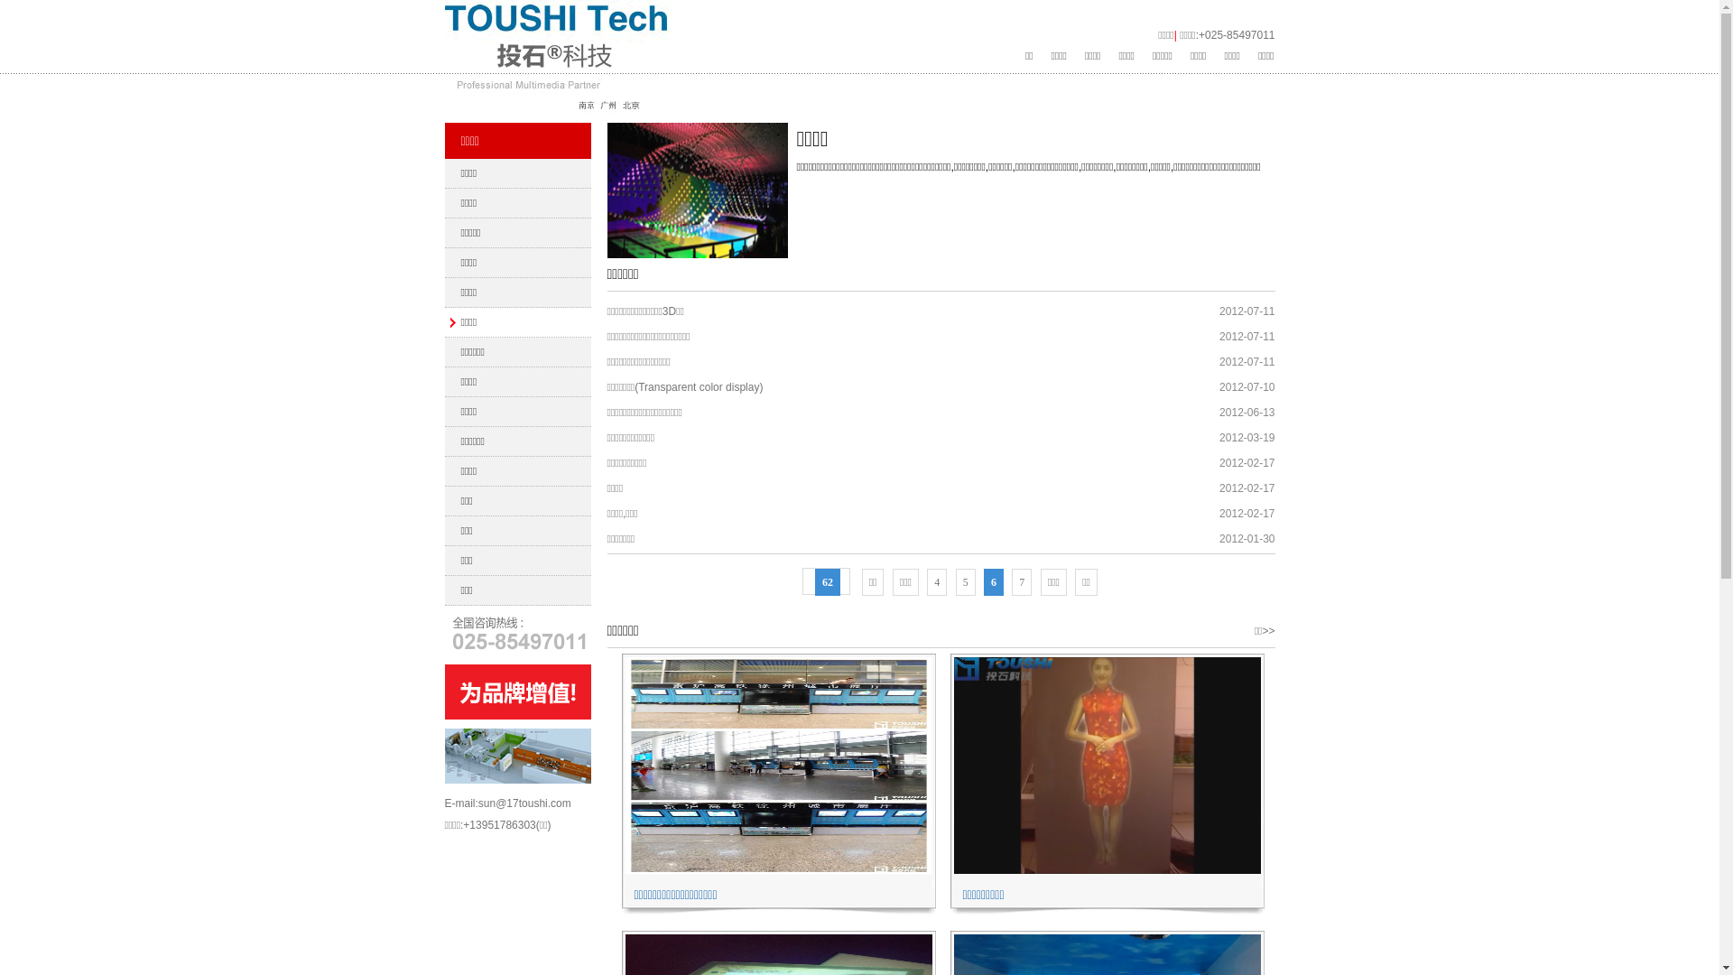  What do you see at coordinates (825, 581) in the screenshot?
I see `' 62'` at bounding box center [825, 581].